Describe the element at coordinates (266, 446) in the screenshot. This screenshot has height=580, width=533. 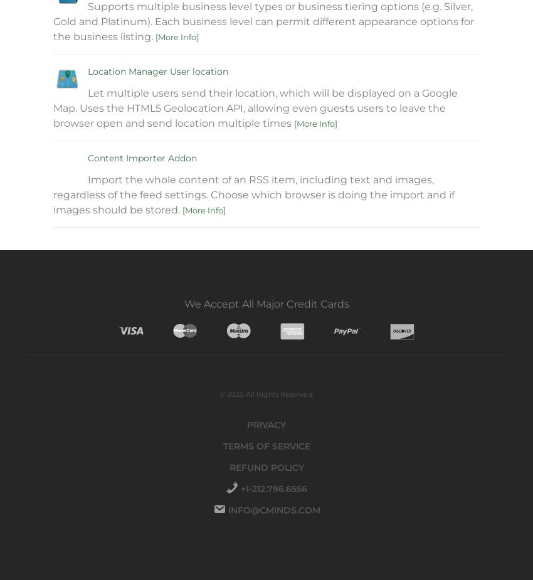
I see `'Terms of Service'` at that location.